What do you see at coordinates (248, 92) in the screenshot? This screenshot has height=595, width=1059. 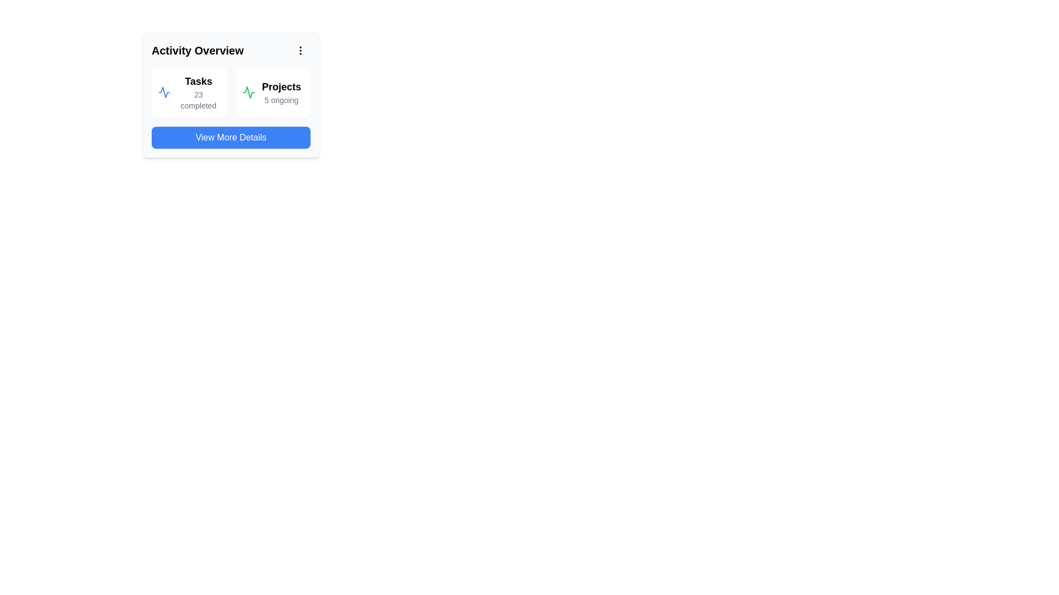 I see `the green SVG icon resembling an activity graph or heartbeat line located in the top-left corner of the 'Projects' card in the 'Activity Overview' section` at bounding box center [248, 92].